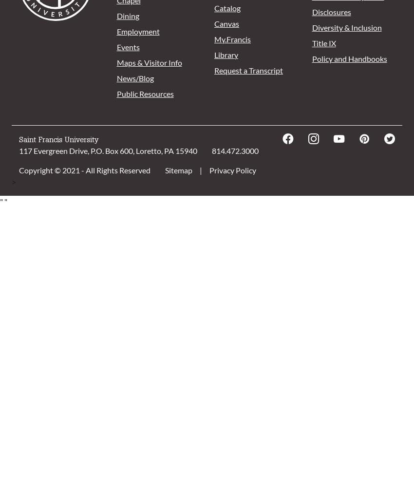 This screenshot has height=487, width=414. Describe the element at coordinates (137, 31) in the screenshot. I see `'Employment'` at that location.